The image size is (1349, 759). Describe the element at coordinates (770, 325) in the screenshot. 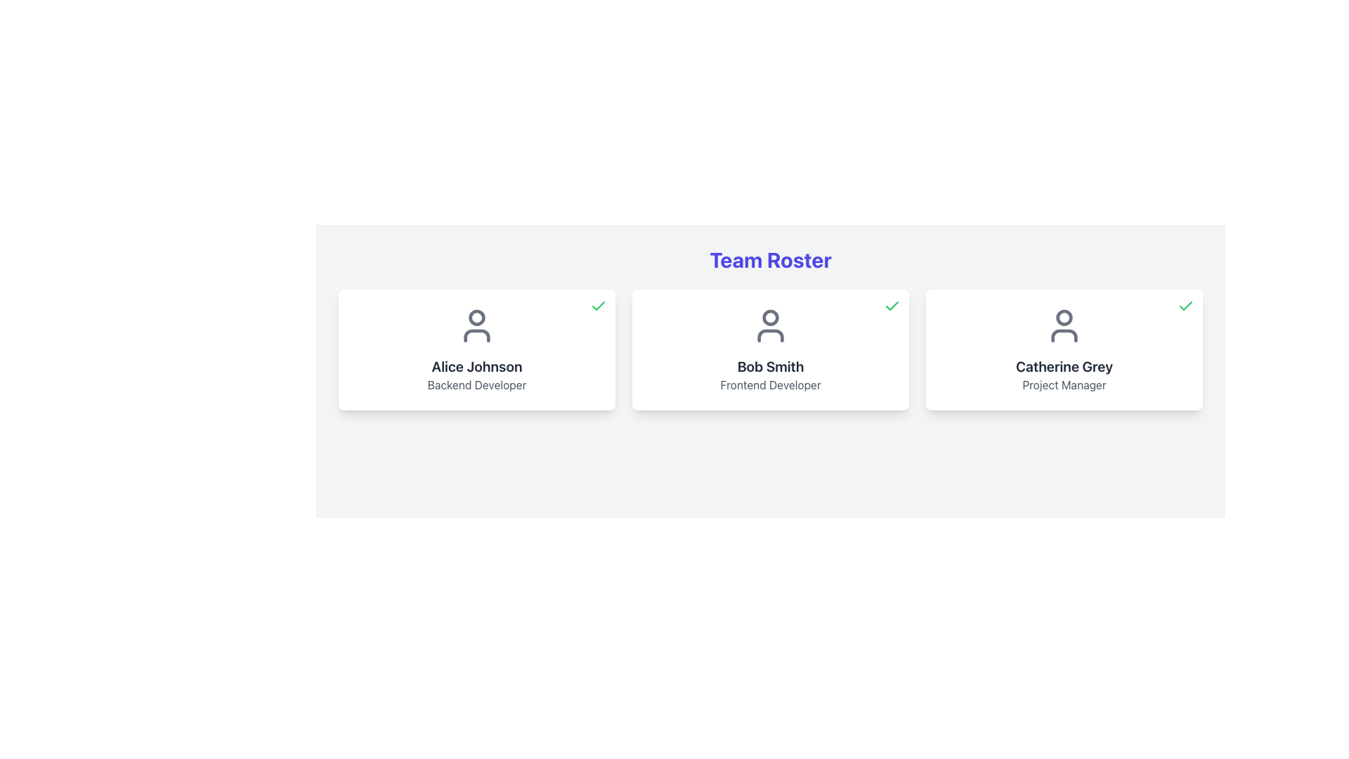

I see `the user profile icon representing 'Bob Smith', a Frontend Developer, located at the top-center of his card in the Team Roster section` at that location.